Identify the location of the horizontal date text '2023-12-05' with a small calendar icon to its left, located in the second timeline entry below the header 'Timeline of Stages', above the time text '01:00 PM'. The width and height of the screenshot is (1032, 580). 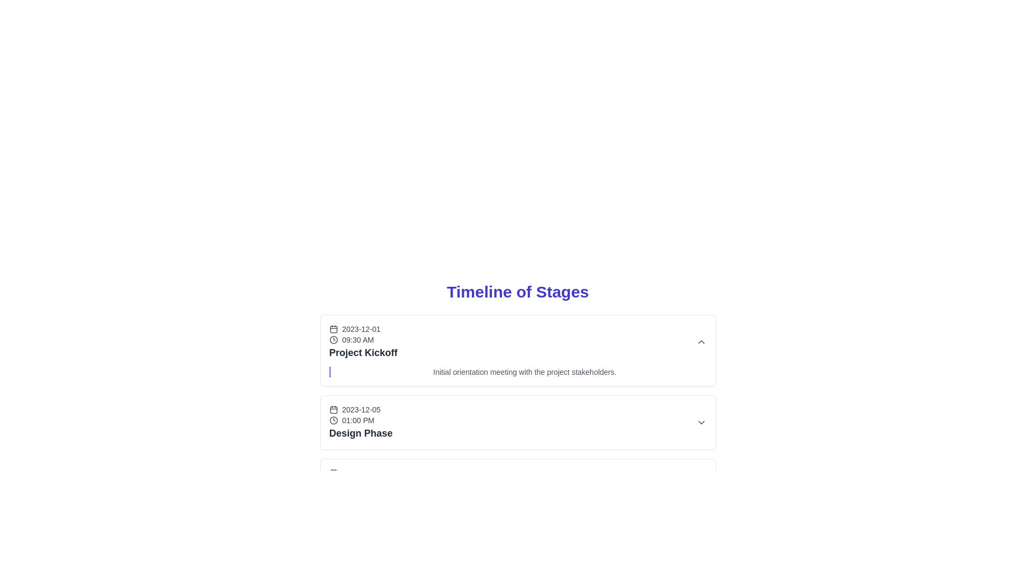
(361, 410).